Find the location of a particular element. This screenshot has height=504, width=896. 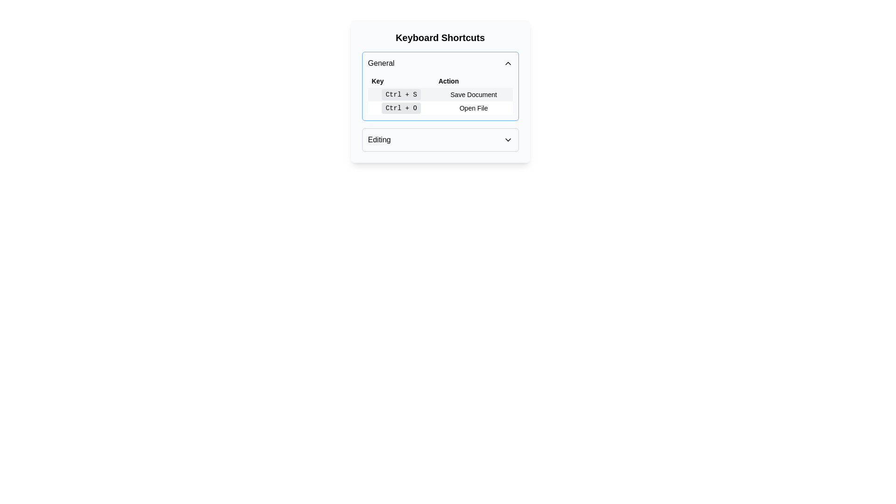

the 'Save Document' text label, which is positioned to the right of the 'Ctrl + S' element under the 'Action' heading is located at coordinates (474, 94).